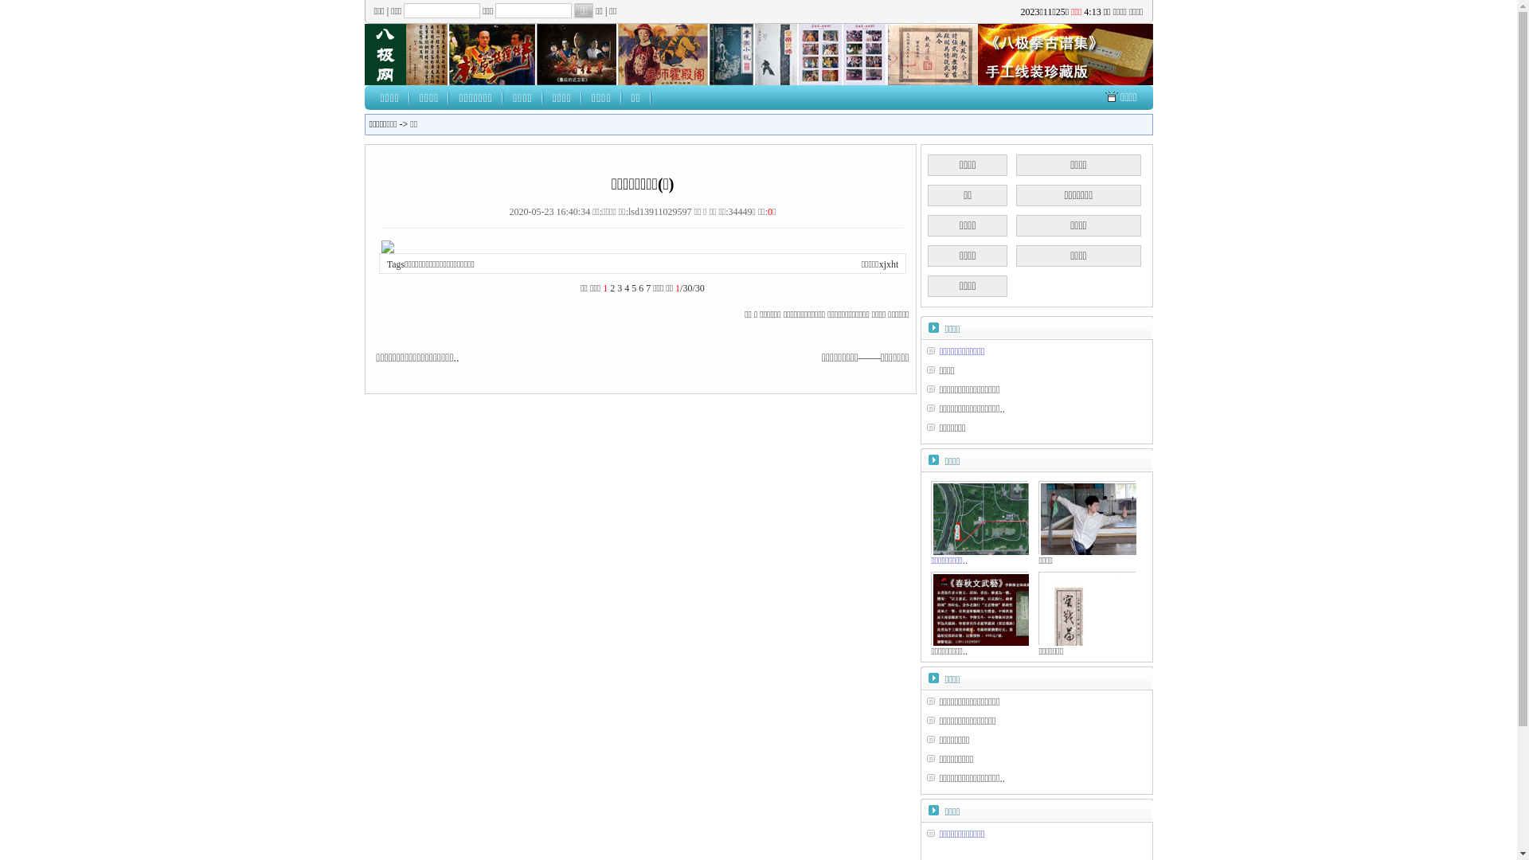 Image resolution: width=1529 pixels, height=860 pixels. Describe the element at coordinates (648, 288) in the screenshot. I see `'7'` at that location.